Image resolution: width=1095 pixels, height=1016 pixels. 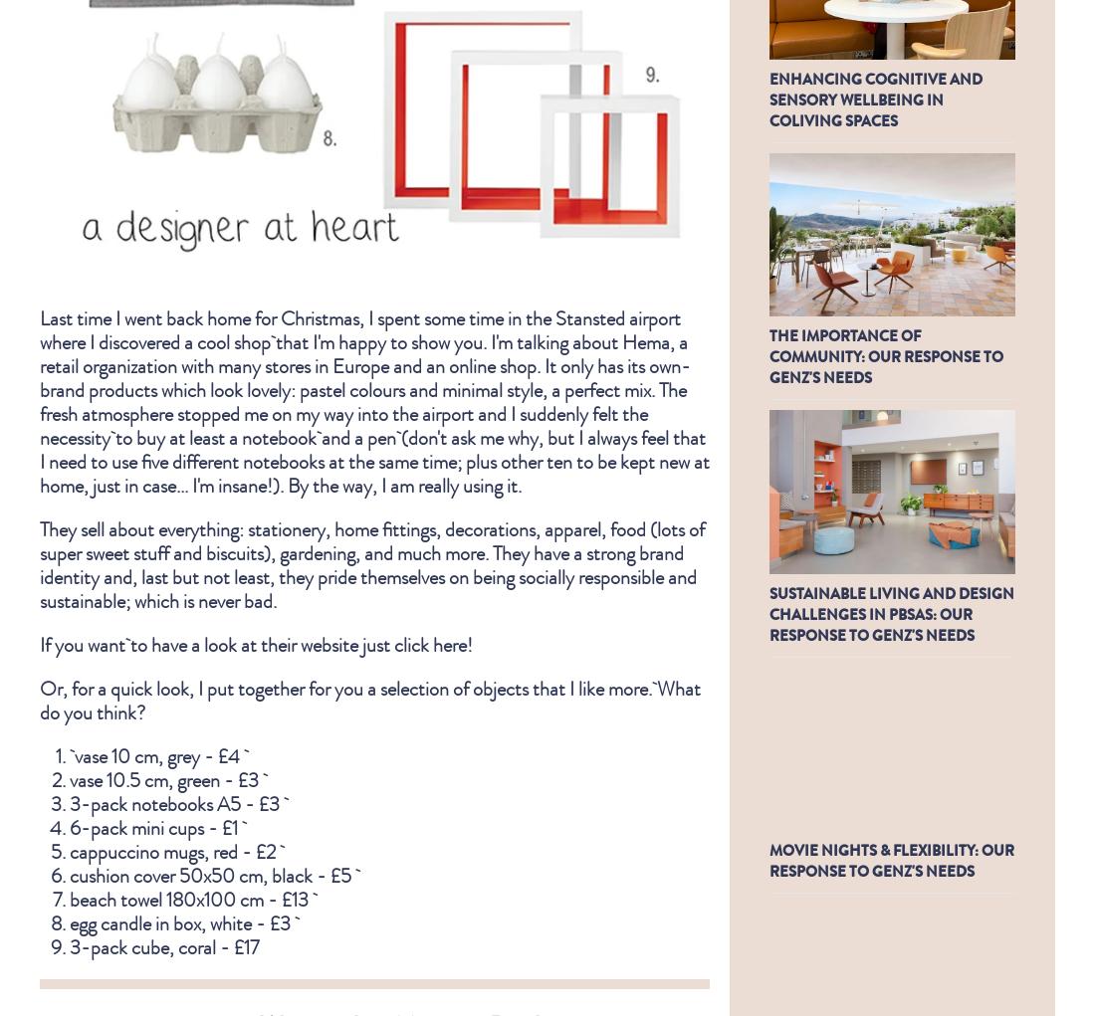 What do you see at coordinates (156, 826) in the screenshot?
I see `'6-pack mini cups - £1'` at bounding box center [156, 826].